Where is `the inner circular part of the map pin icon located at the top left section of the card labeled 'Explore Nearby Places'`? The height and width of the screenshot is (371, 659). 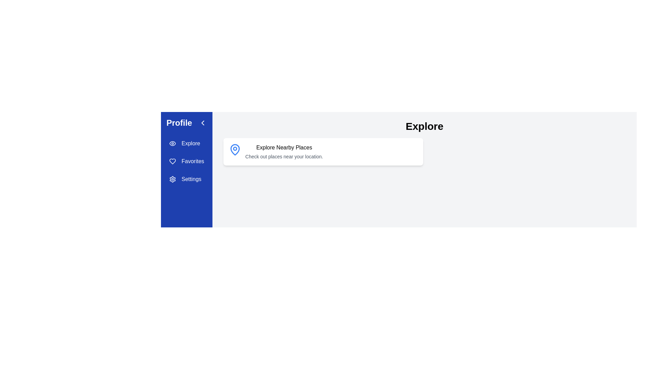
the inner circular part of the map pin icon located at the top left section of the card labeled 'Explore Nearby Places' is located at coordinates (235, 148).